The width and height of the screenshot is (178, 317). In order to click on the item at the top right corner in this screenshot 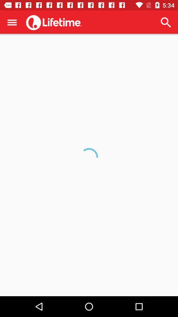, I will do `click(165, 22)`.